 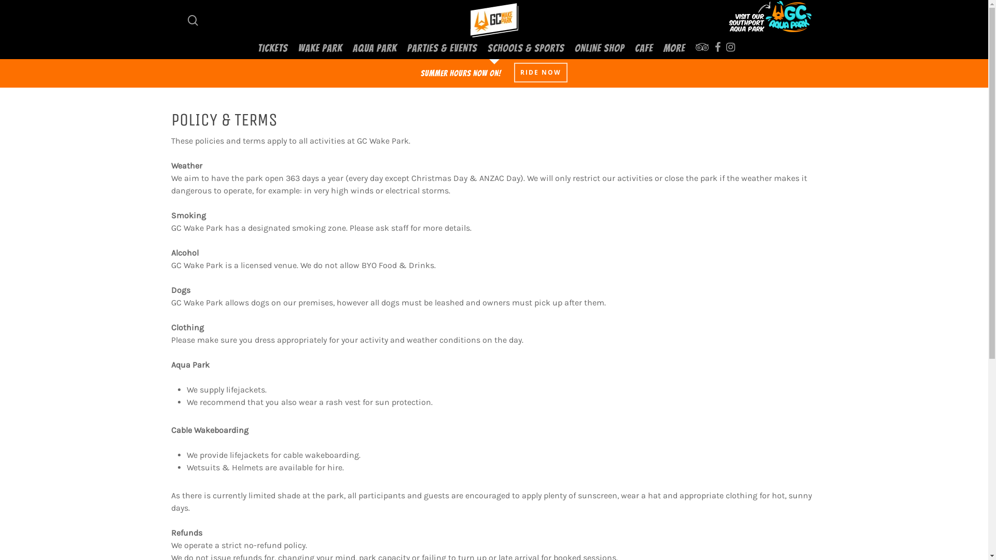 What do you see at coordinates (193, 20) in the screenshot?
I see `'search'` at bounding box center [193, 20].